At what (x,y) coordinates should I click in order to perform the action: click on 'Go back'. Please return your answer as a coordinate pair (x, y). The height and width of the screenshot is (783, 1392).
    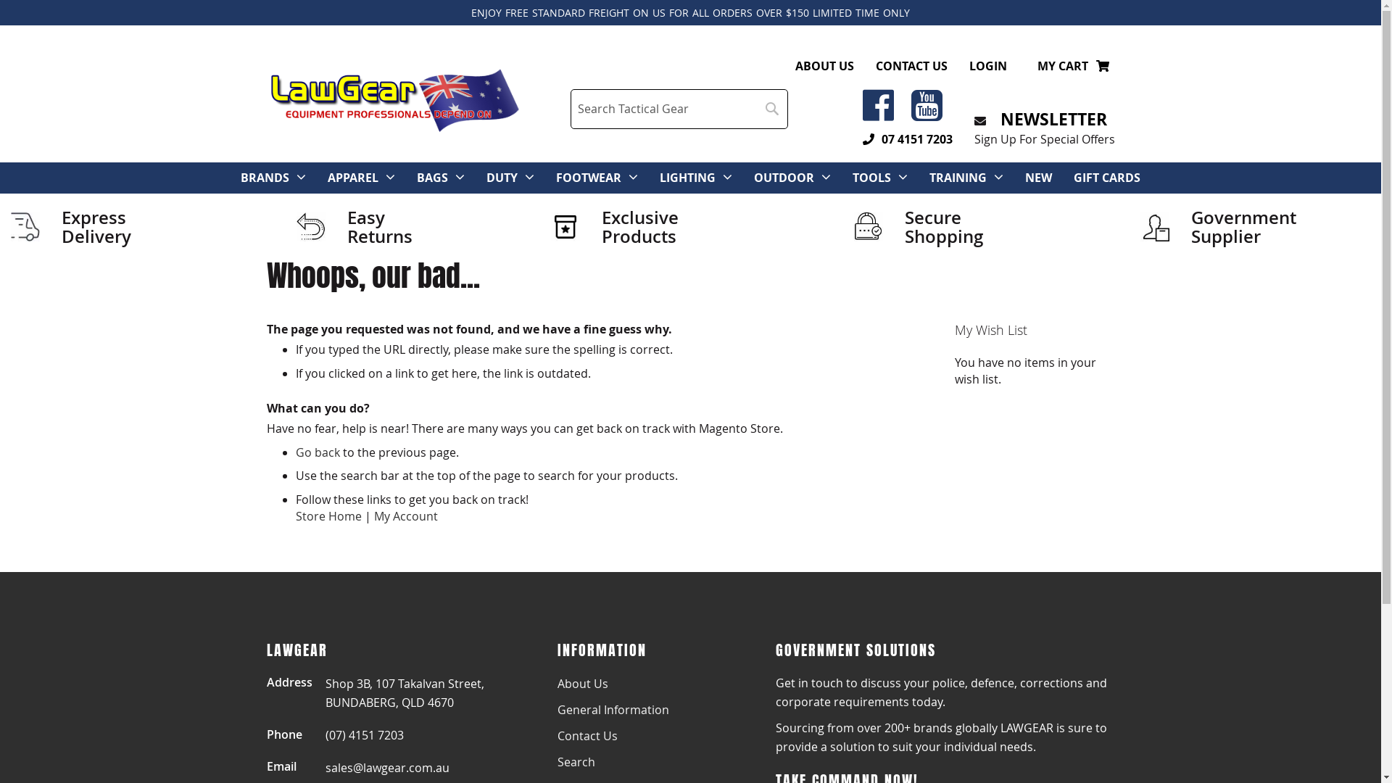
    Looking at the image, I should click on (317, 452).